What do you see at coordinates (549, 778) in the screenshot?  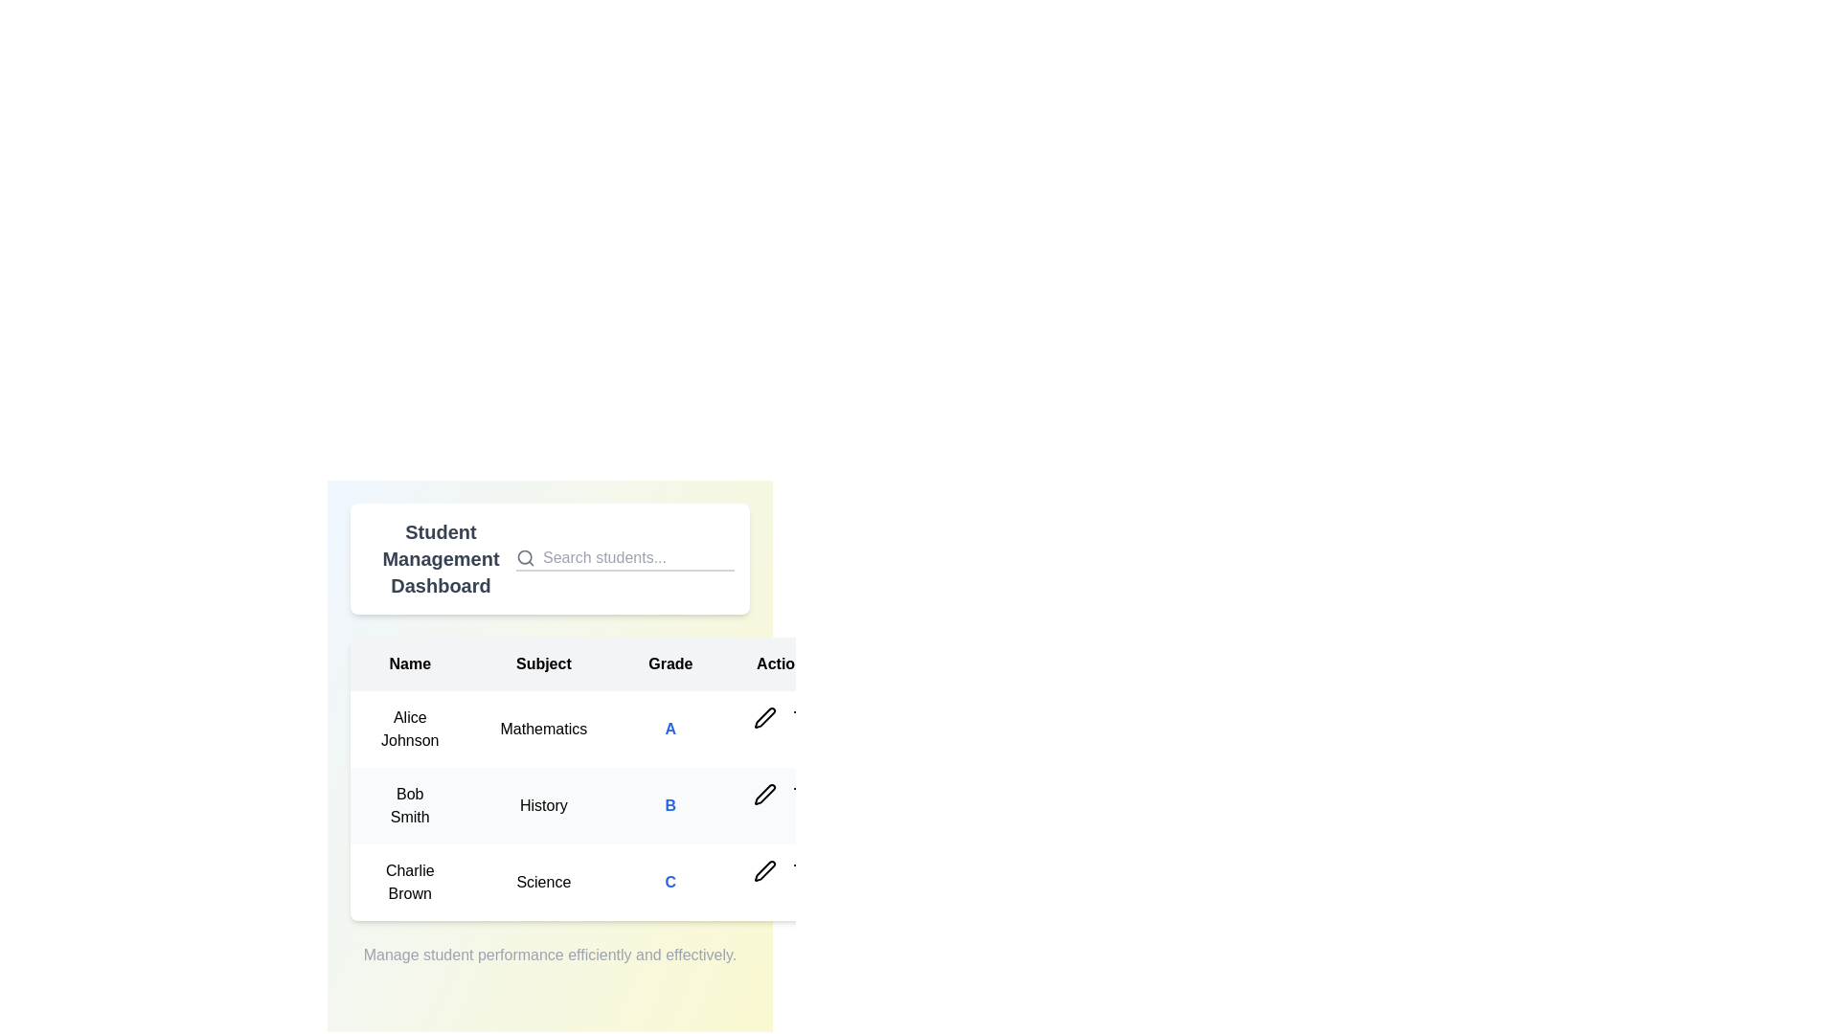 I see `text within any cell of the student information table, which is centrally positioned and displays structured data including names, subjects, and grades` at bounding box center [549, 778].